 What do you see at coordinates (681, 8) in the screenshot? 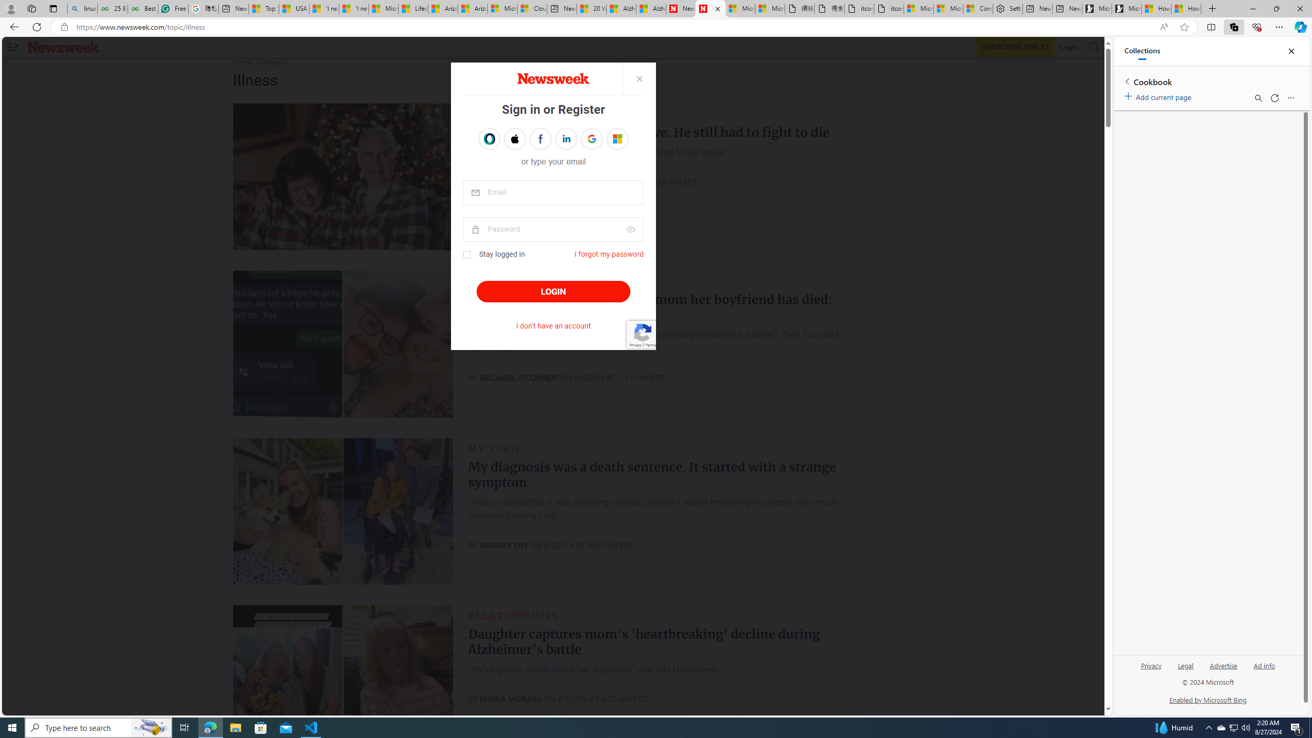
I see `'Newsweek - News, Analysis, Politics, Business, Technology'` at bounding box center [681, 8].